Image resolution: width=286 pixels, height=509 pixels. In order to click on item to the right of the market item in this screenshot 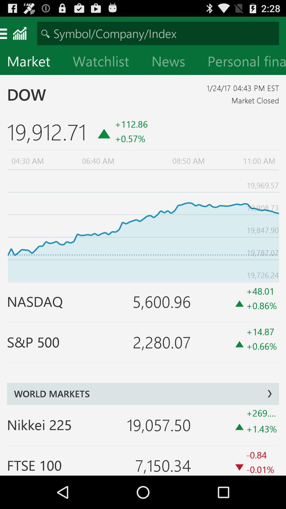, I will do `click(105, 62)`.